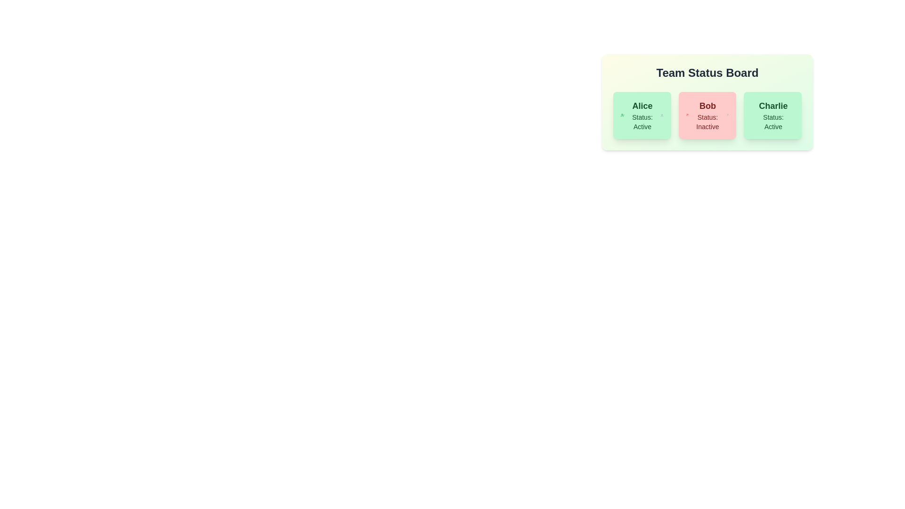  Describe the element at coordinates (708, 115) in the screenshot. I see `the card of Bob to view their information` at that location.